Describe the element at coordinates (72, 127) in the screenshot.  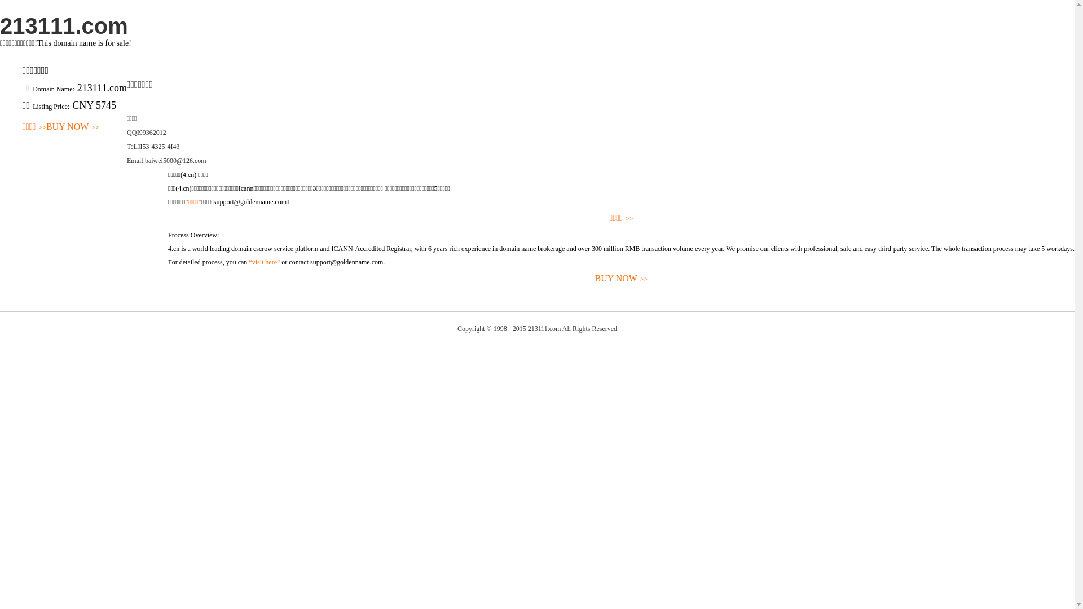
I see `'BUY NOW>>'` at that location.